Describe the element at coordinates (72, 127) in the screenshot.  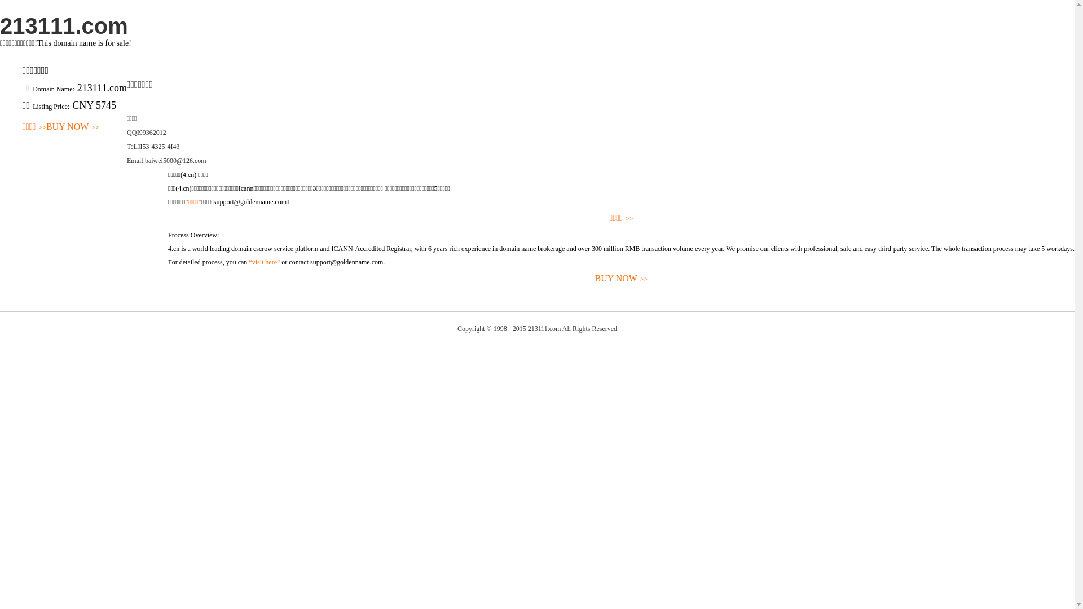
I see `'BUY NOW>>'` at that location.